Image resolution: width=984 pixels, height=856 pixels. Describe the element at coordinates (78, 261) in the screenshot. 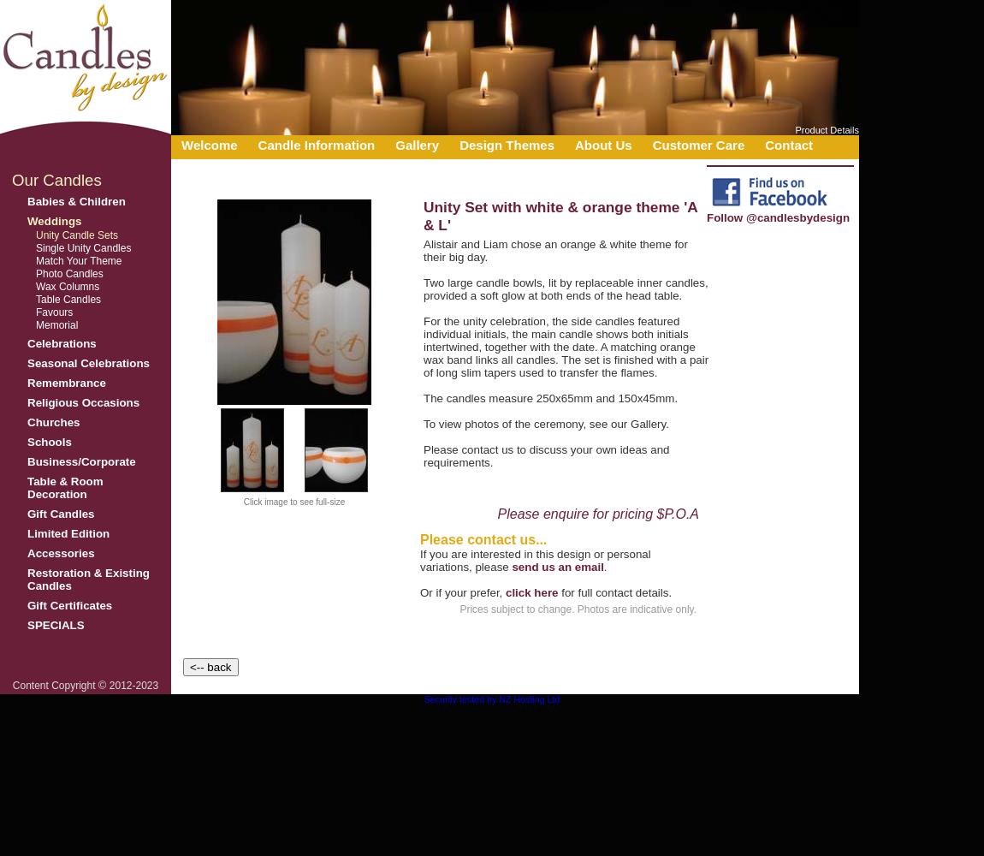

I see `'Match Your Theme'` at that location.